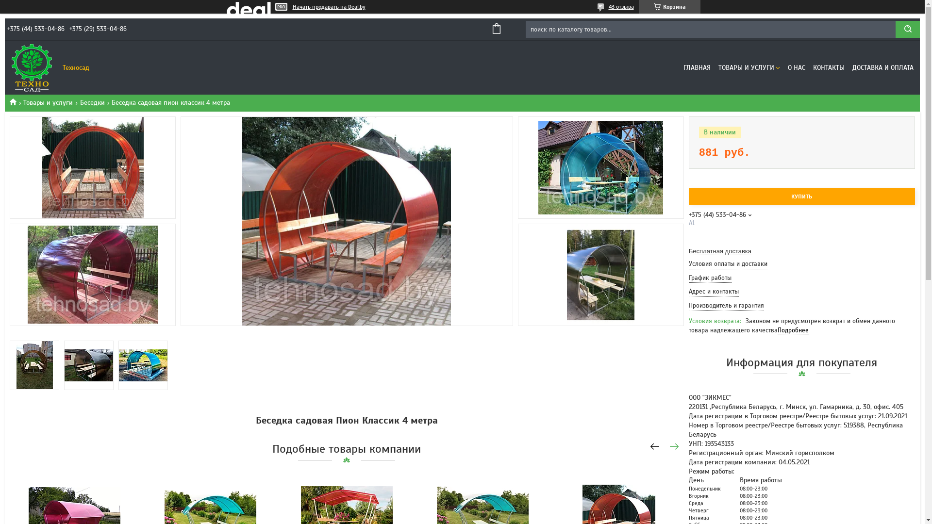 Image resolution: width=932 pixels, height=524 pixels. Describe the element at coordinates (9, 101) in the screenshot. I see `'Tehnosad.by'` at that location.